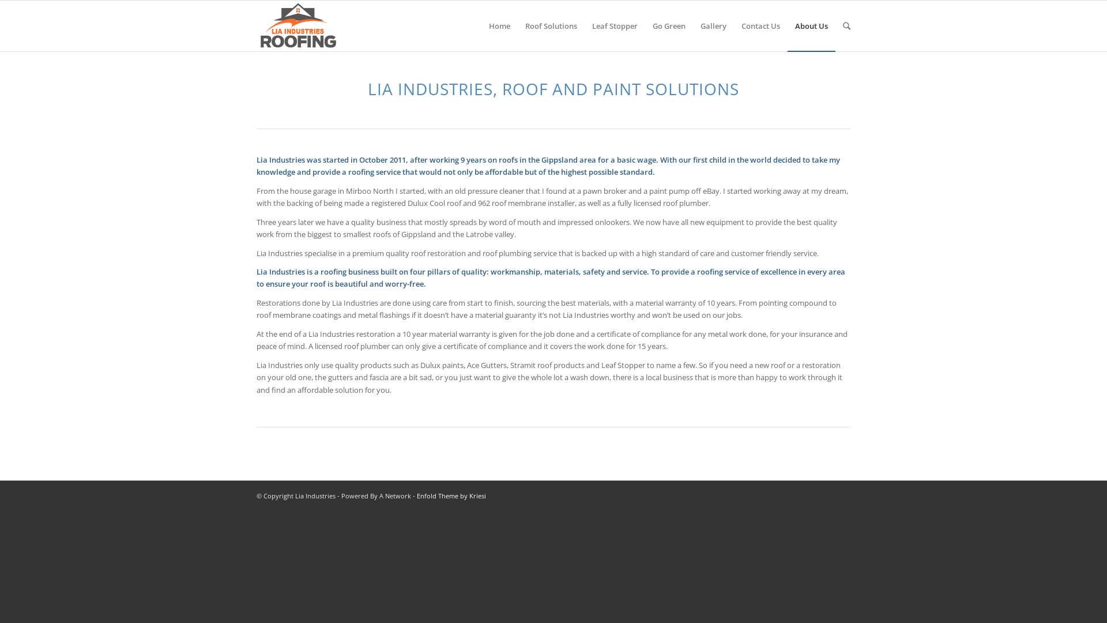 The image size is (1107, 623). I want to click on 'Enfold Theme by Kriesi', so click(450, 495).